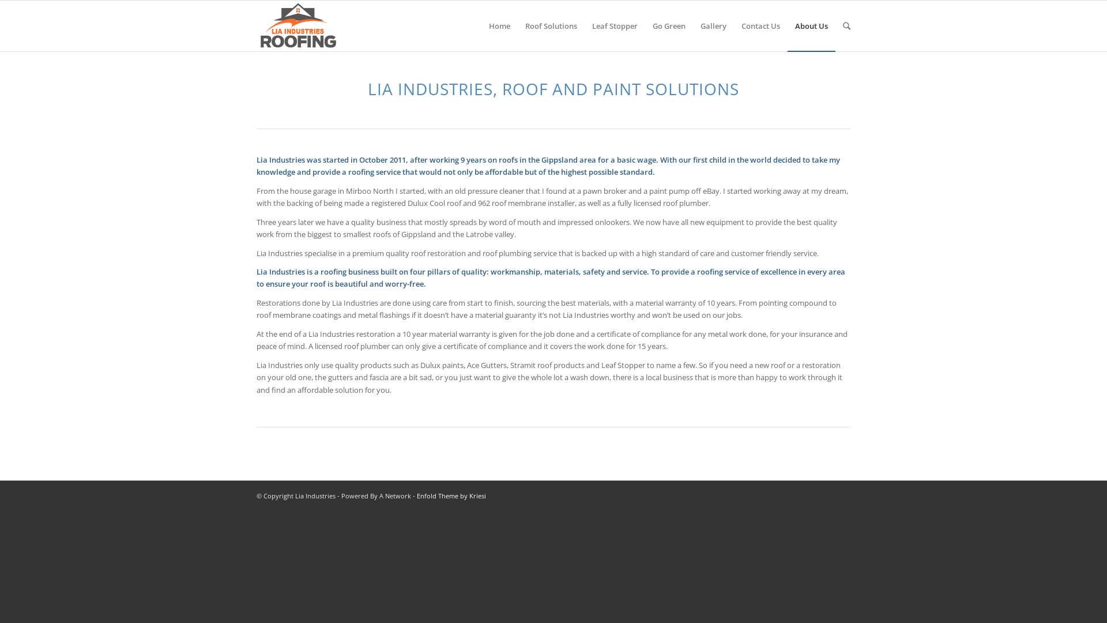 The image size is (1107, 623). I want to click on 'Enfold Theme by Kriesi', so click(450, 495).